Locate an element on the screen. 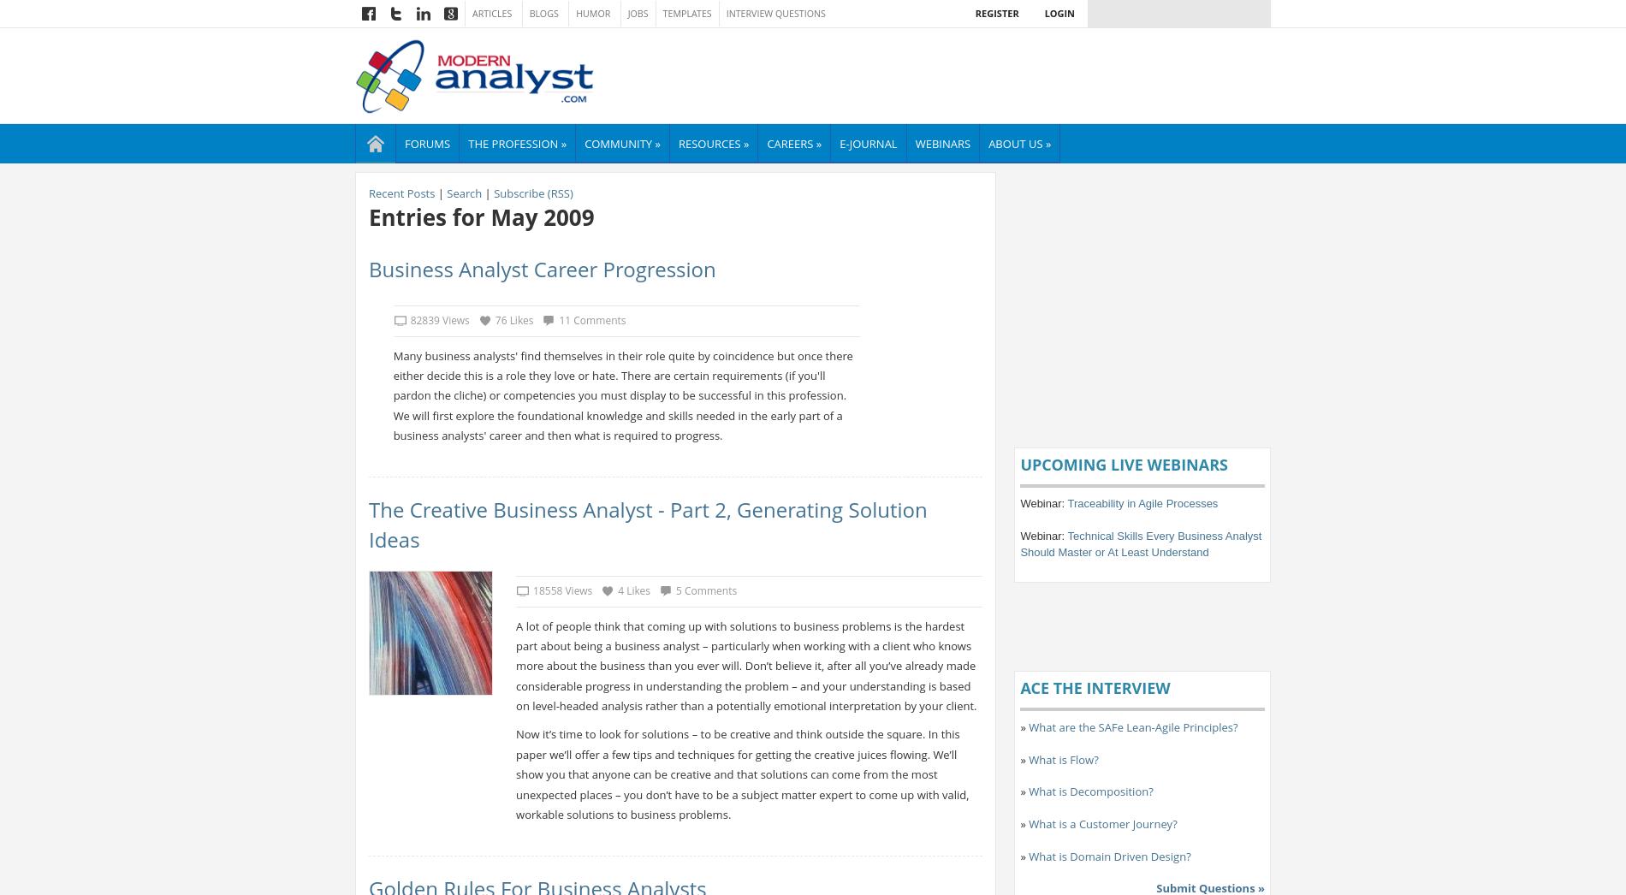 This screenshot has width=1626, height=895. 'Jobs' is located at coordinates (636, 13).